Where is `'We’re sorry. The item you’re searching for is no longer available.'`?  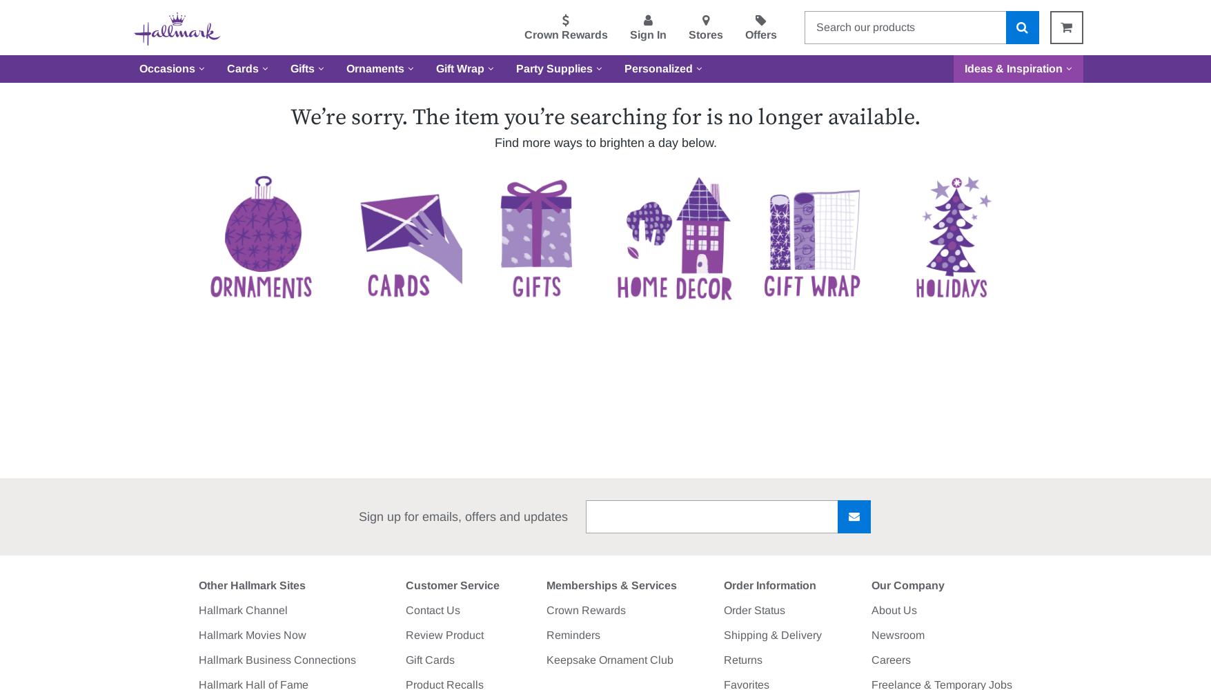 'We’re sorry. The item you’re searching for is no longer available.' is located at coordinates (604, 118).